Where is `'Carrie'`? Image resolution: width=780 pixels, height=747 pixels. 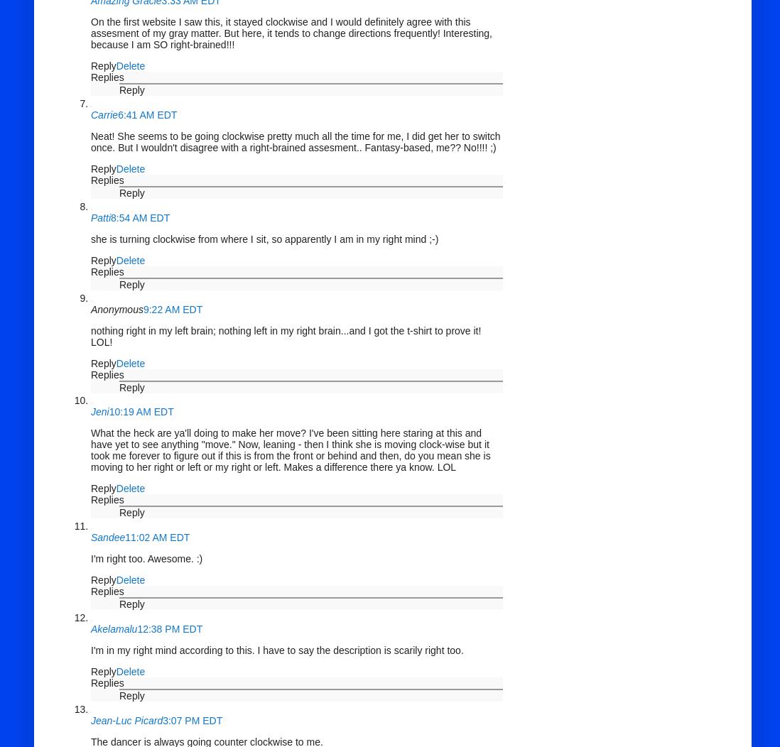 'Carrie' is located at coordinates (104, 113).